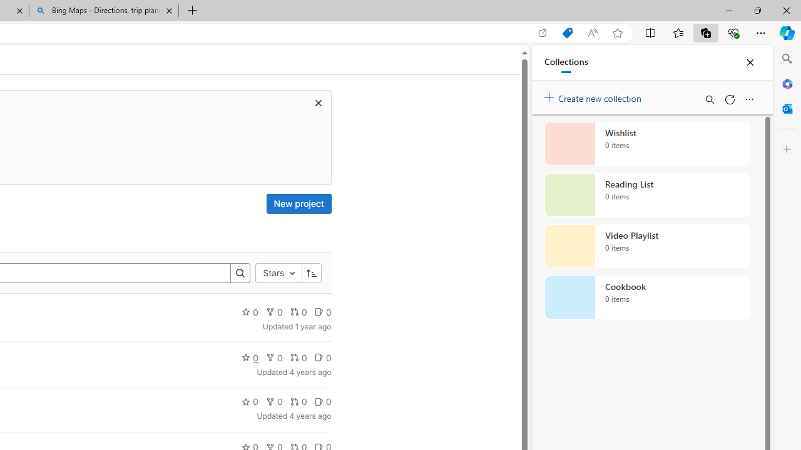  What do you see at coordinates (318, 102) in the screenshot?
I see `'Dismiss trial promotion'` at bounding box center [318, 102].